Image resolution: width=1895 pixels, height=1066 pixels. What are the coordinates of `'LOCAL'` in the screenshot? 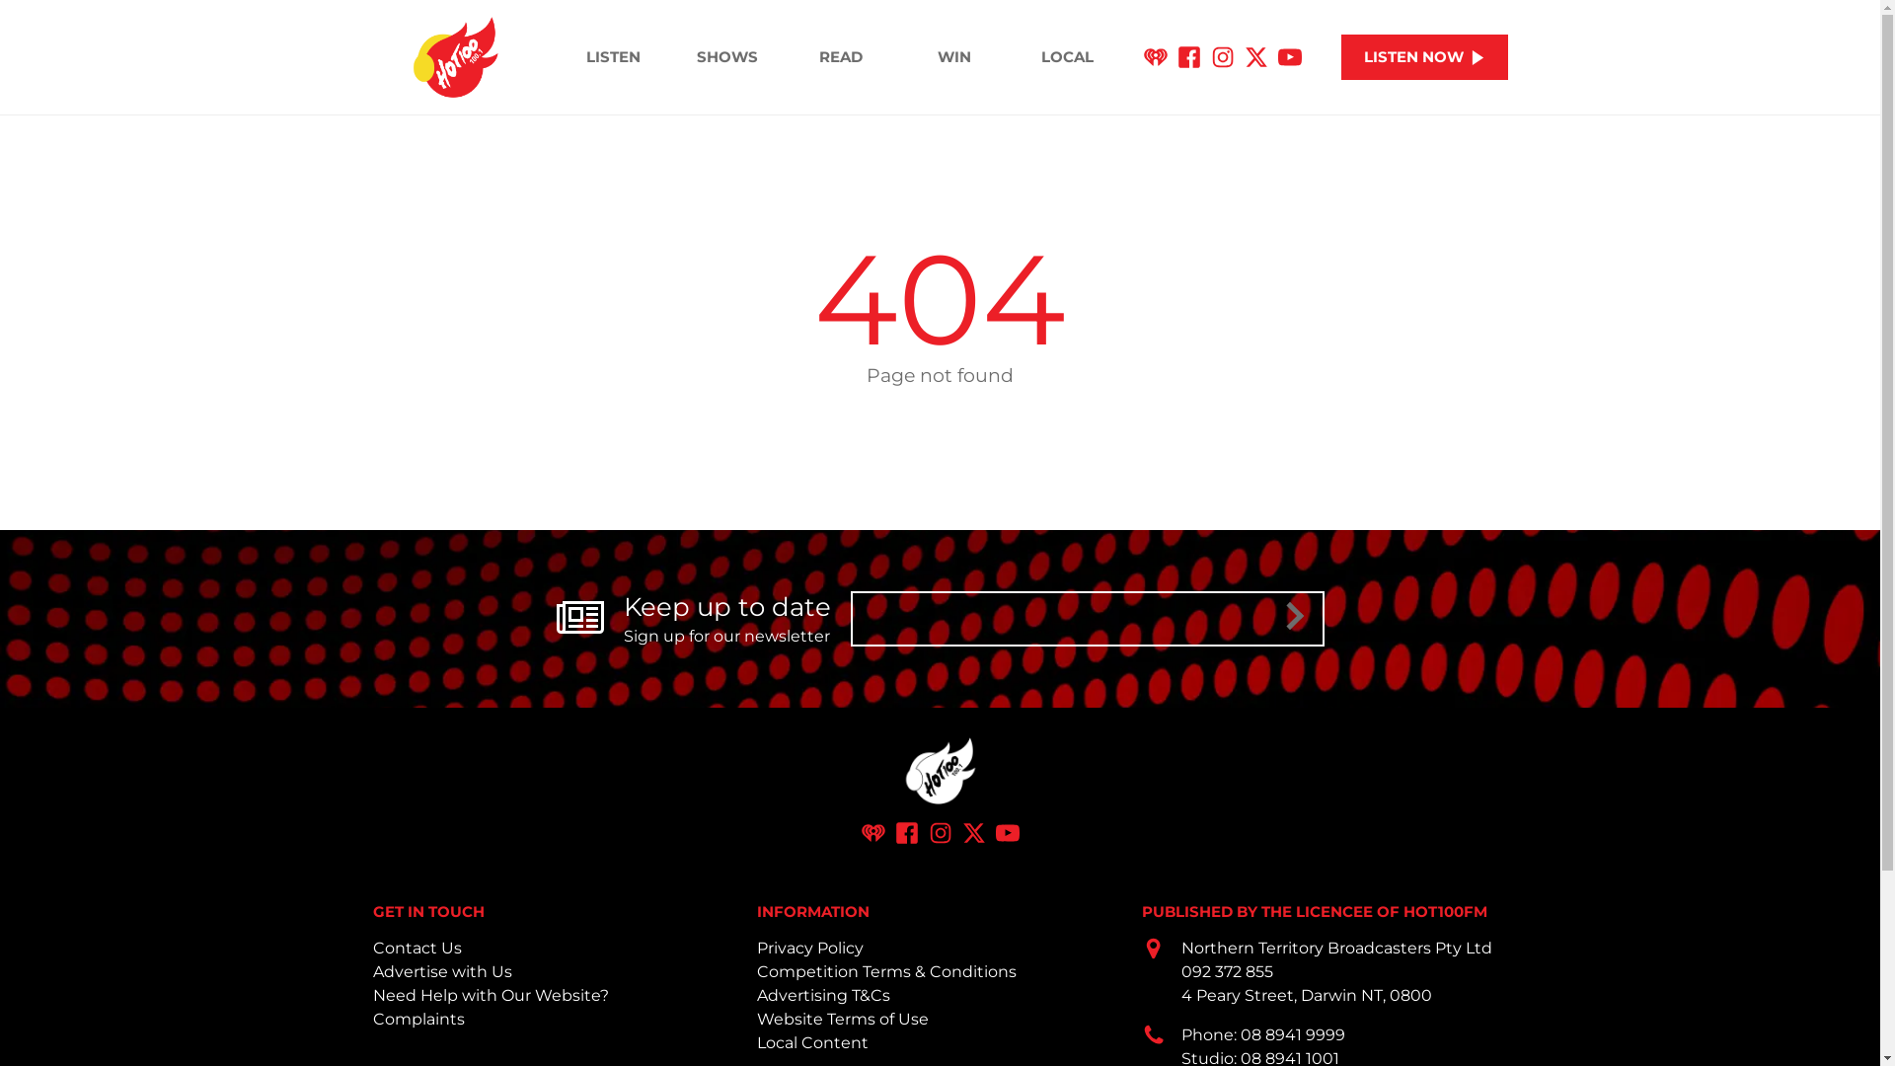 It's located at (1066, 55).